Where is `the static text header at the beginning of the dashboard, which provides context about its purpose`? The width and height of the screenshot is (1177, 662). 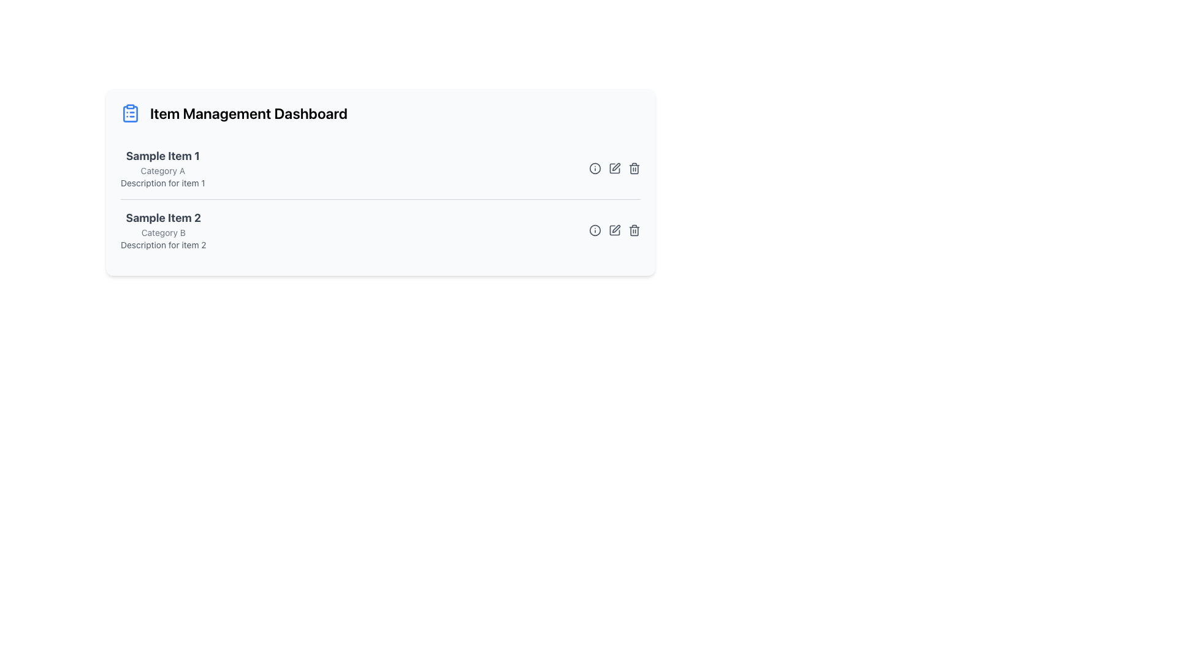 the static text header at the beginning of the dashboard, which provides context about its purpose is located at coordinates (248, 113).